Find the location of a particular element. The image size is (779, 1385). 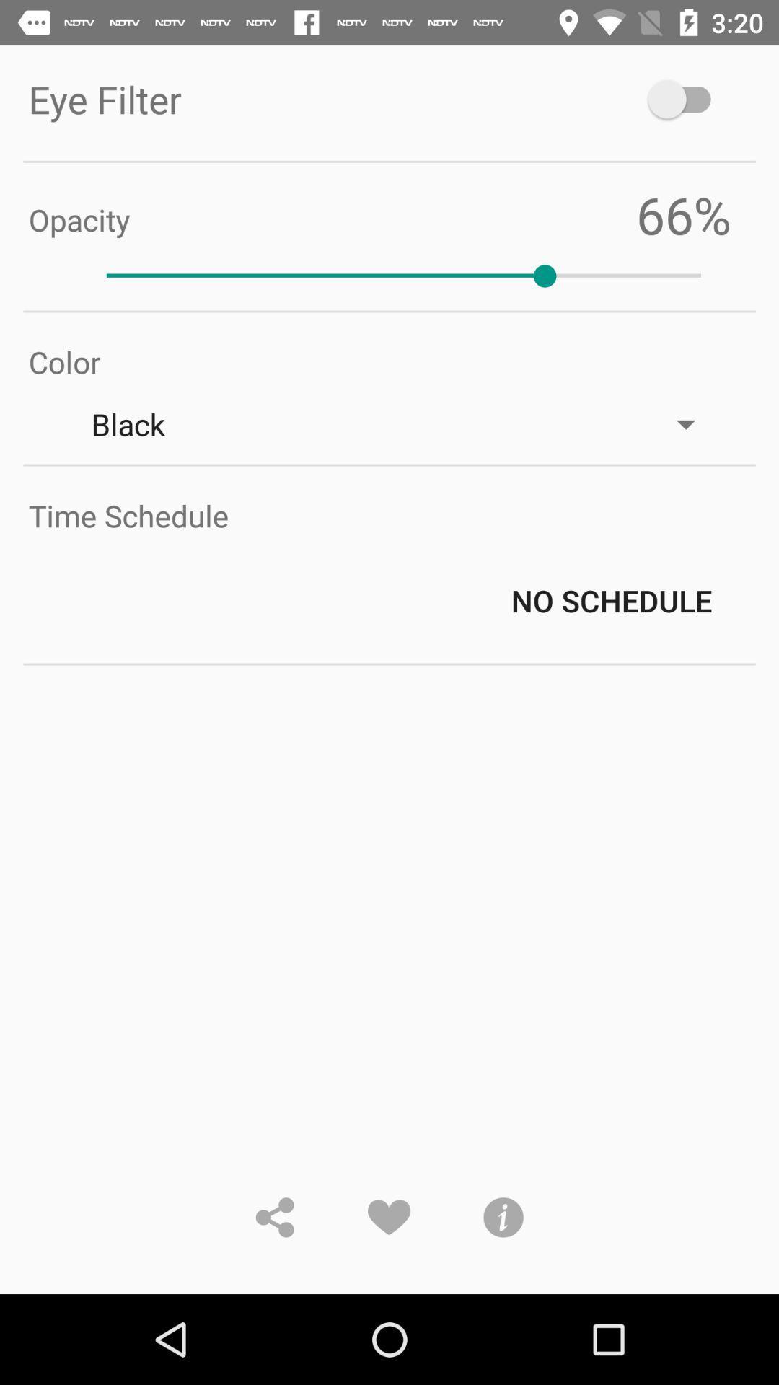

he can activate the simple voice command is located at coordinates (685, 98).